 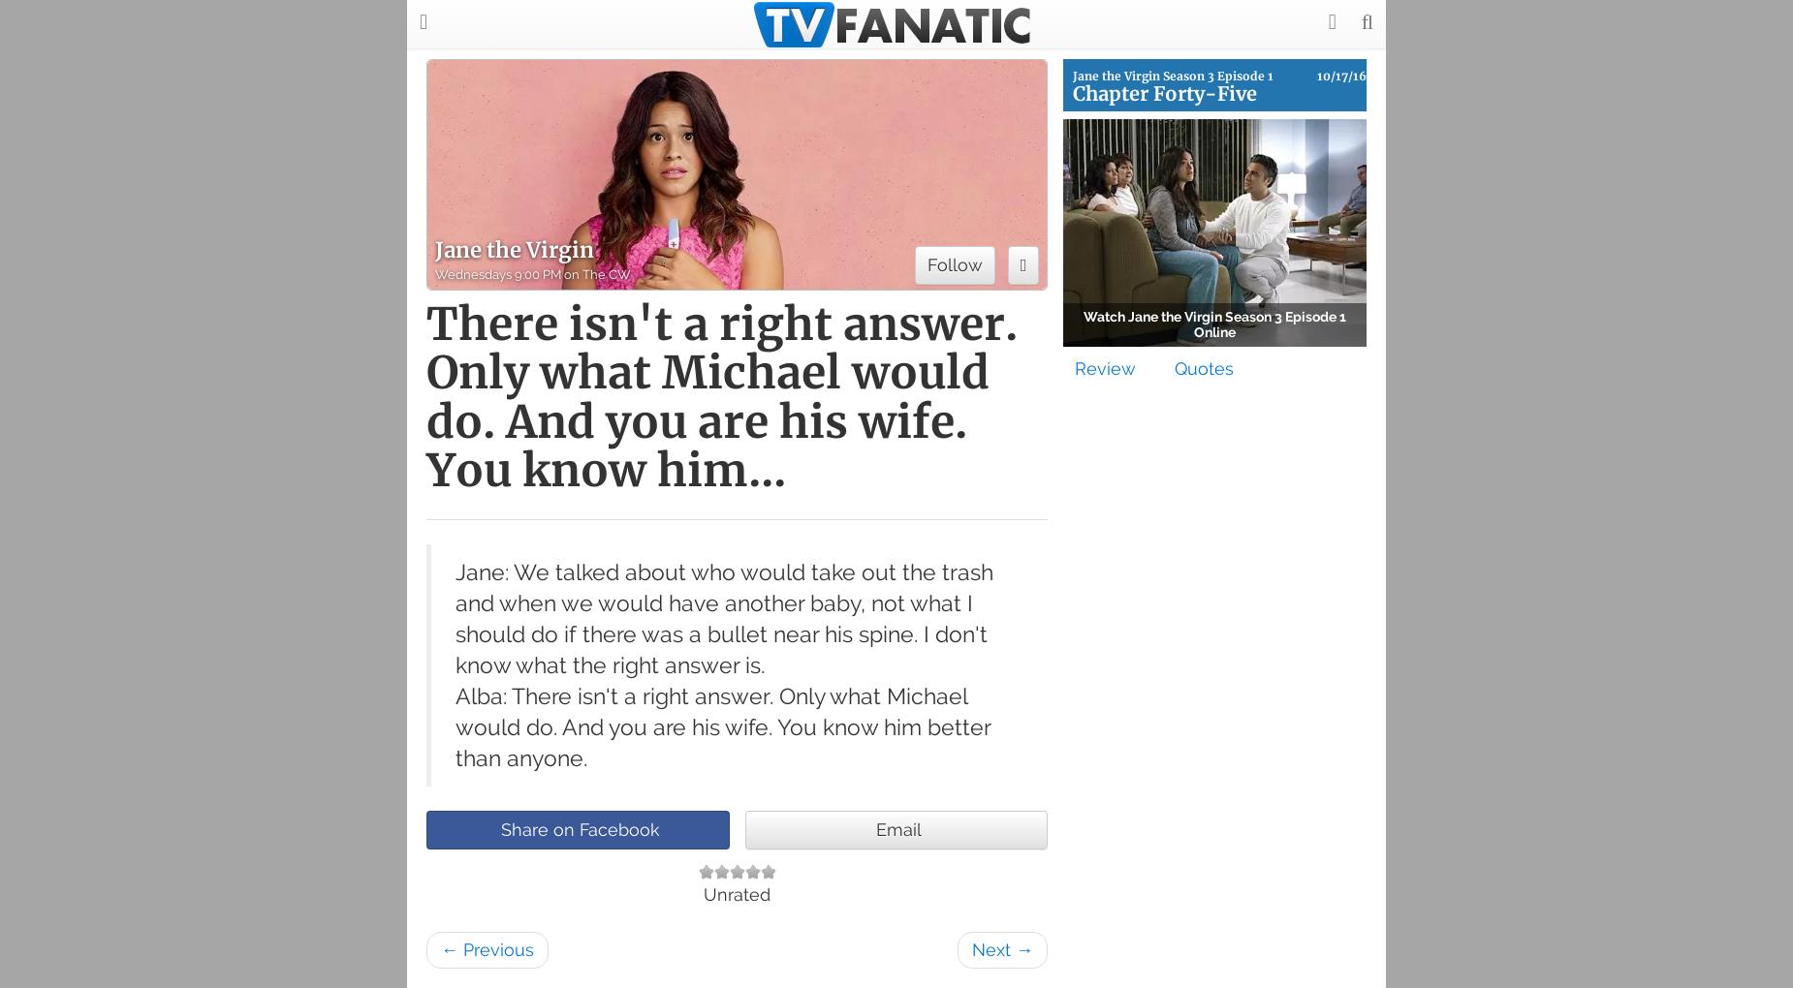 What do you see at coordinates (456, 727) in the screenshot?
I see `'Alba: There isn't a right answer. Only what Michael would do. And you are his wife. You know him better than anyone.'` at bounding box center [456, 727].